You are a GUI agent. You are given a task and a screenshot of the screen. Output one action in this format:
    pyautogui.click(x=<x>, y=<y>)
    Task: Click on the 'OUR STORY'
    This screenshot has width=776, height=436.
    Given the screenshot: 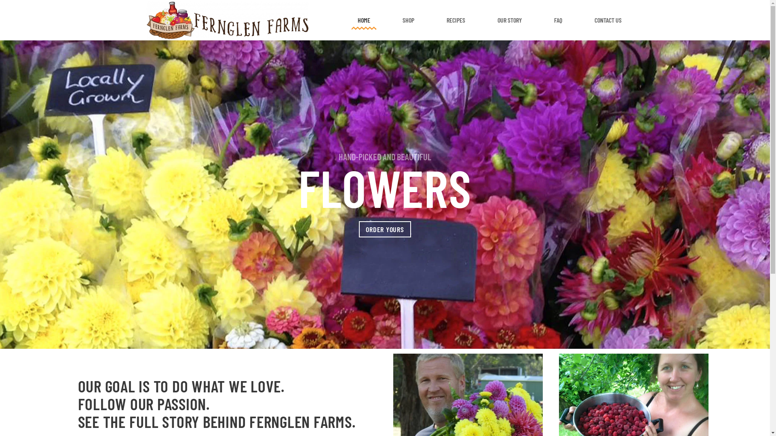 What is the action you would take?
    pyautogui.click(x=509, y=20)
    